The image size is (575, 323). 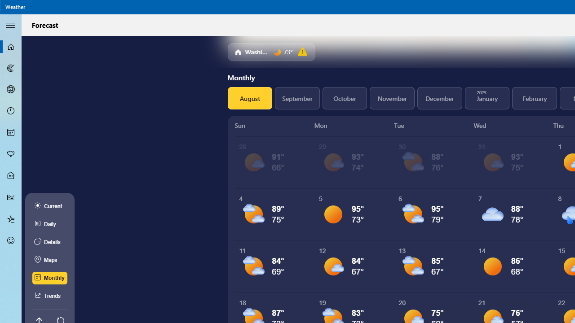 I want to click on 'Forecast - Not Selected', so click(x=11, y=47).